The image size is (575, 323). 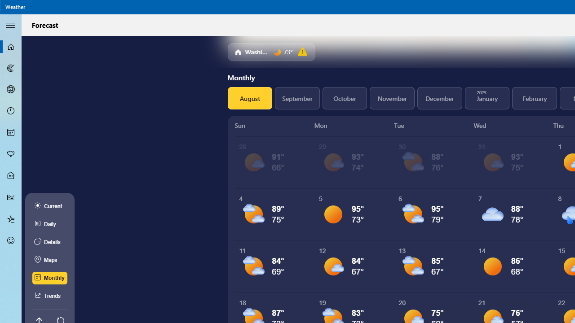 I want to click on 'Forecast - Not Selected', so click(x=11, y=47).